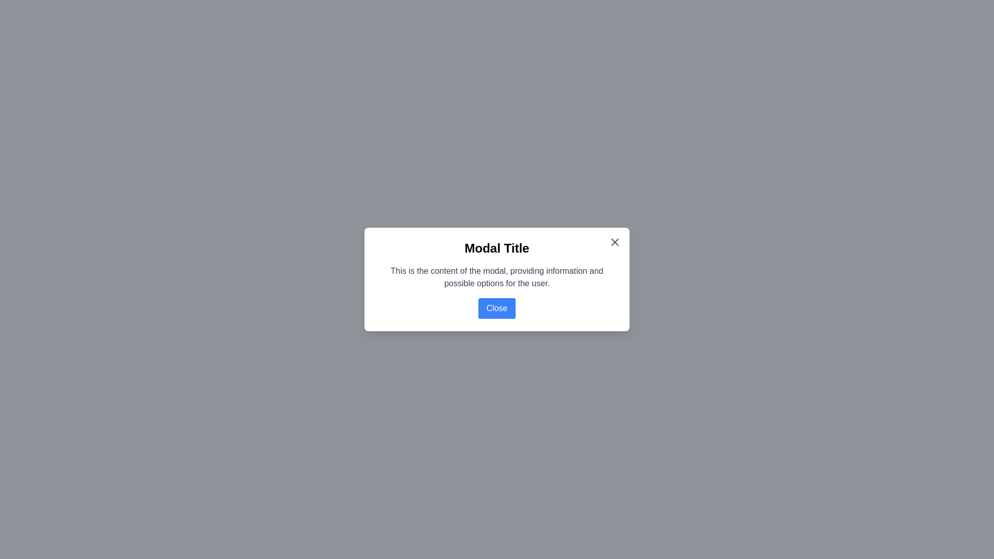 The height and width of the screenshot is (559, 994). Describe the element at coordinates (497, 277) in the screenshot. I see `the Informational text block that contains the content: 'This is the content of the modal, providing information and possible options for the user.'` at that location.